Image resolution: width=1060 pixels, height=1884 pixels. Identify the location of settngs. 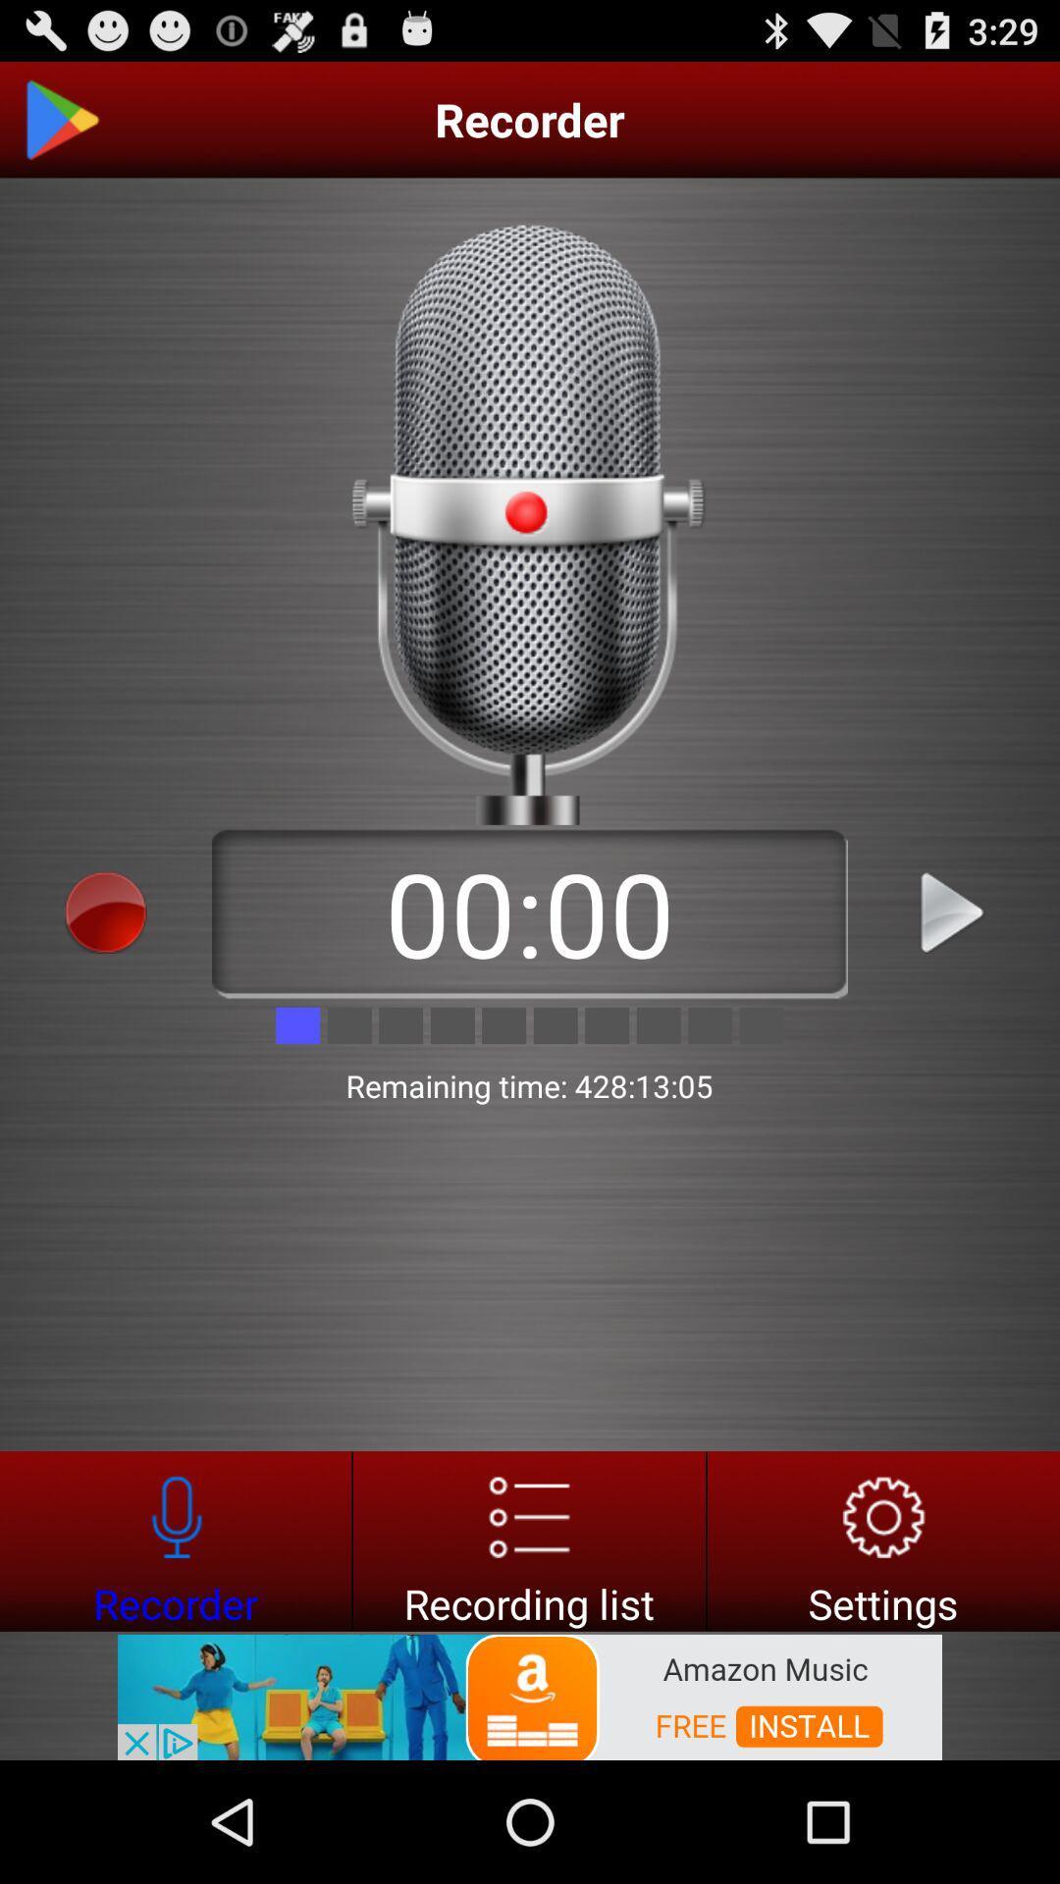
(883, 1540).